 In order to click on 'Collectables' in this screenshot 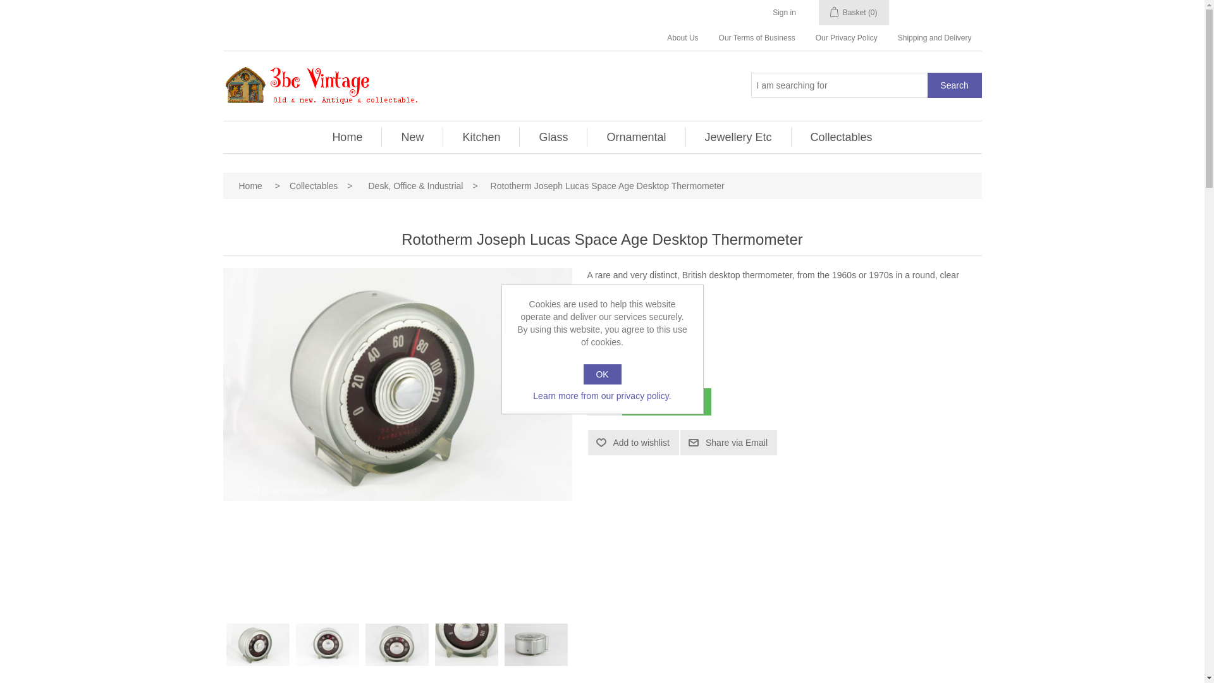, I will do `click(313, 185)`.